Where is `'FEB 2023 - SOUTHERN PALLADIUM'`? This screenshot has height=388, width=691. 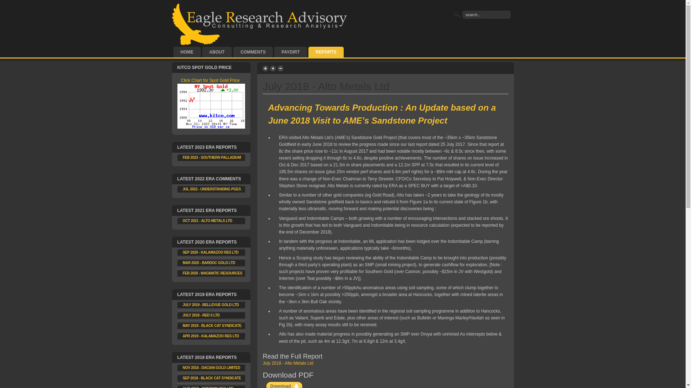 'FEB 2023 - SOUTHERN PALLADIUM' is located at coordinates (212, 157).